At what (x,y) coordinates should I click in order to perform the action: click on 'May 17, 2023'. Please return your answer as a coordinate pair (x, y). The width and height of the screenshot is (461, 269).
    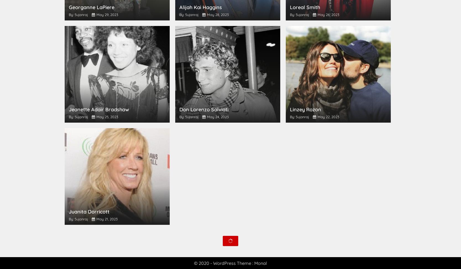
    Looking at the image, I should click on (327, 219).